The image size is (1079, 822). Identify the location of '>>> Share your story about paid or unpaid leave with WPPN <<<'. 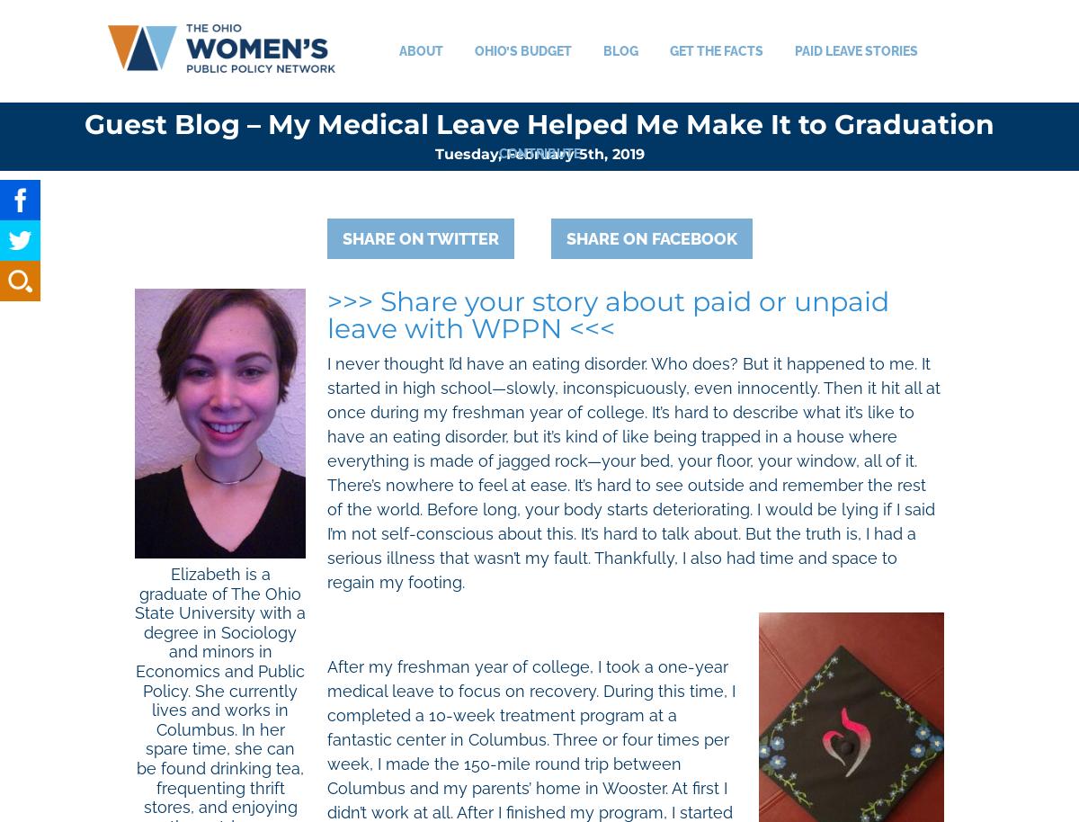
(326, 314).